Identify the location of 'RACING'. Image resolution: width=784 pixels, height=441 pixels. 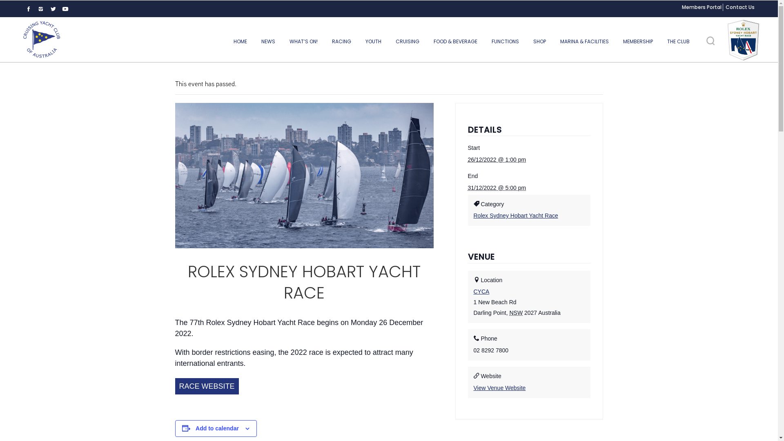
(341, 41).